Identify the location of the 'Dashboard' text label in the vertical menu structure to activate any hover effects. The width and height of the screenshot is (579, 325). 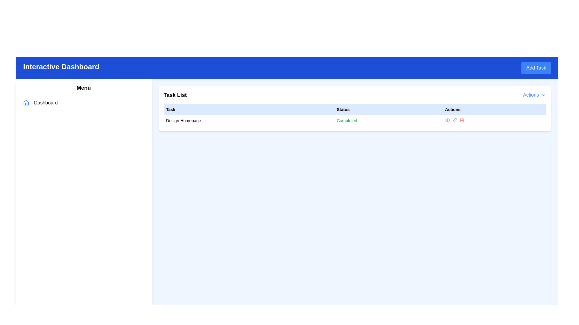
(46, 103).